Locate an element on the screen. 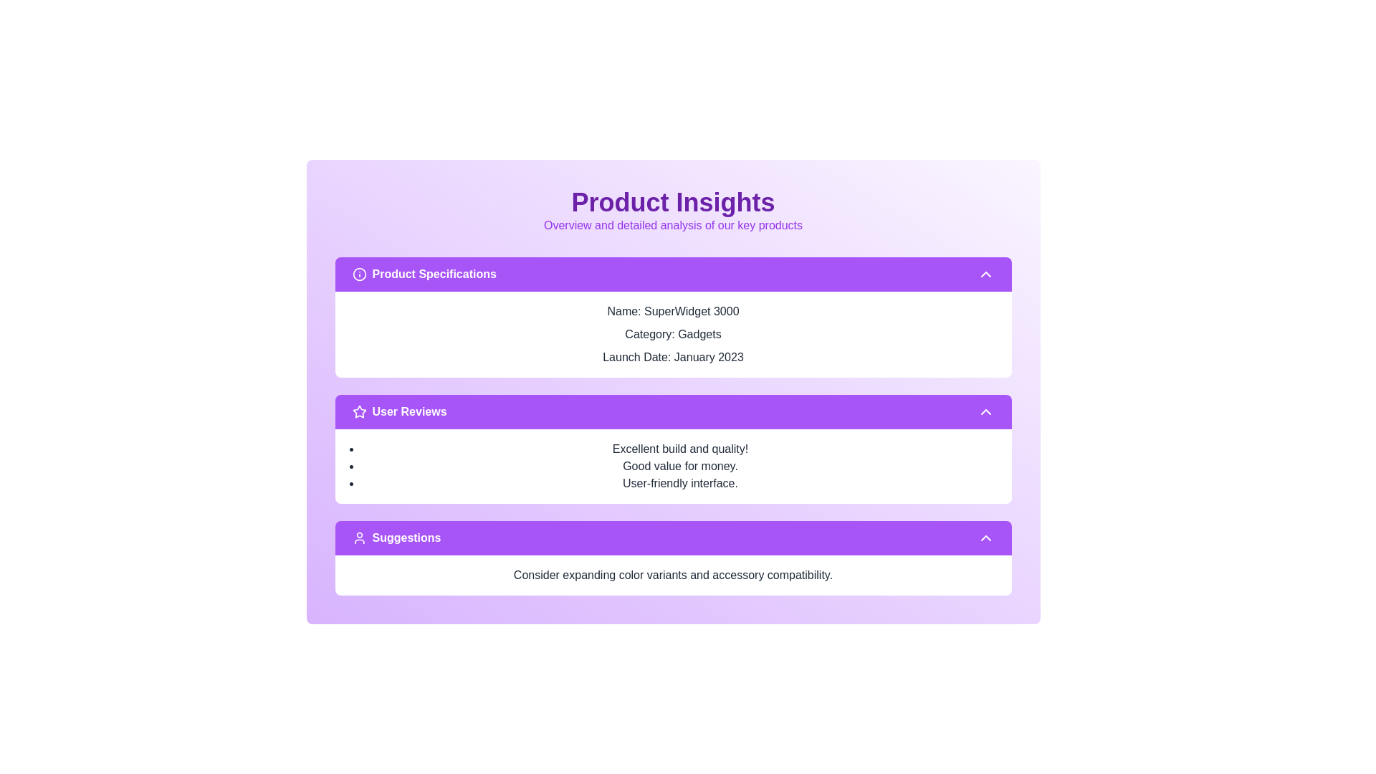 Image resolution: width=1376 pixels, height=774 pixels. the 'Product Specifications' label header to potentially reveal tooltips related to the info icon is located at coordinates (424, 274).